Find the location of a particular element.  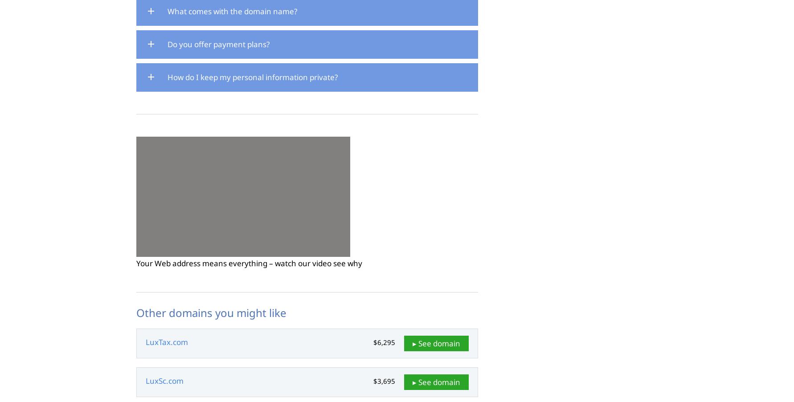

'Other domains you might like' is located at coordinates (211, 312).